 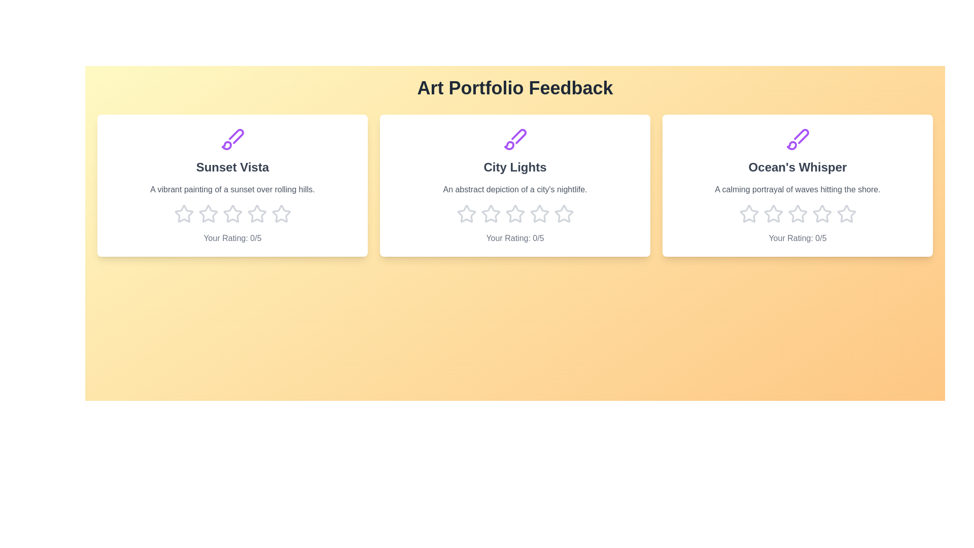 I want to click on the artwork card for 'Sunset Vista' to observe hover effects, so click(x=232, y=186).